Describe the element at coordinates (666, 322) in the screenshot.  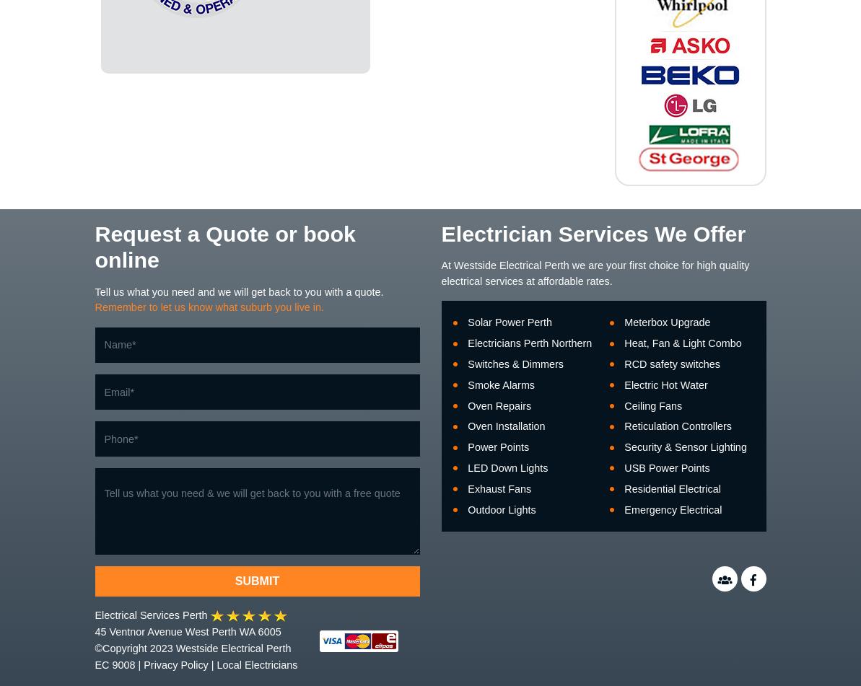
I see `'Meterbox Upgrade'` at that location.